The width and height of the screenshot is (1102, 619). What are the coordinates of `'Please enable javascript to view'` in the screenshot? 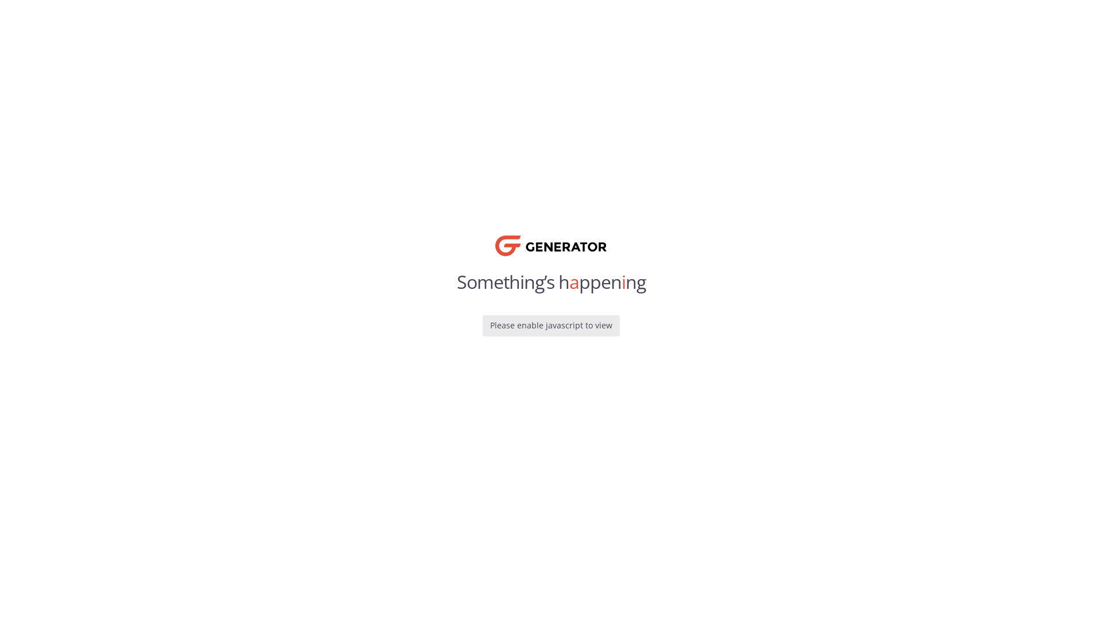 It's located at (550, 325).